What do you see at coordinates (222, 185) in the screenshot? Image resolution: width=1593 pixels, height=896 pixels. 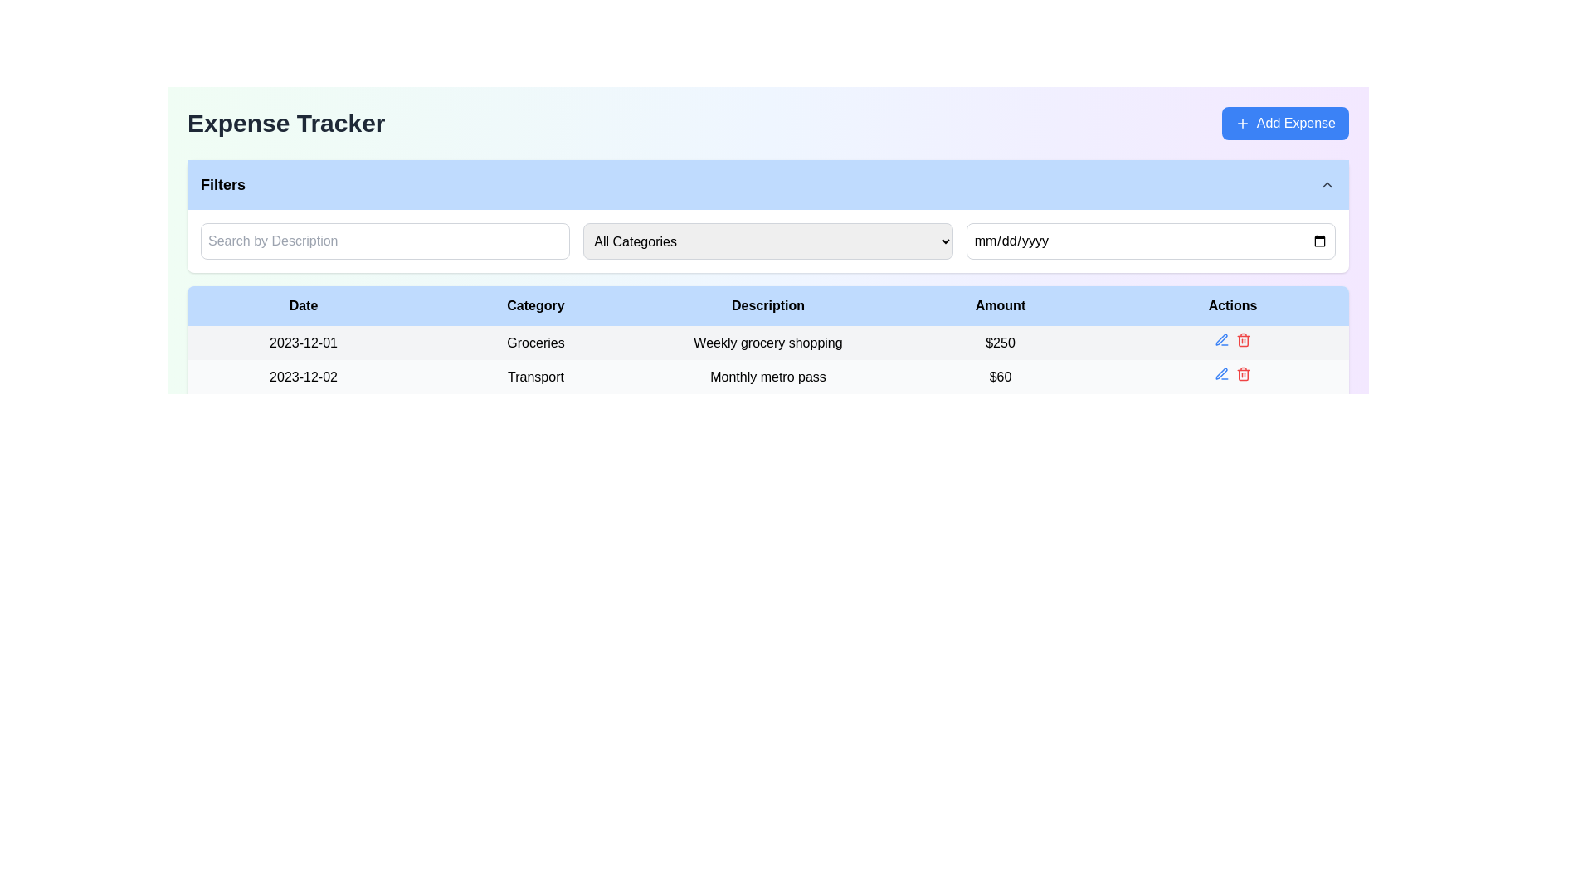 I see `the text label that indicates the functionality of the filtering options, located at the top left of the blue bar in the interface` at bounding box center [222, 185].